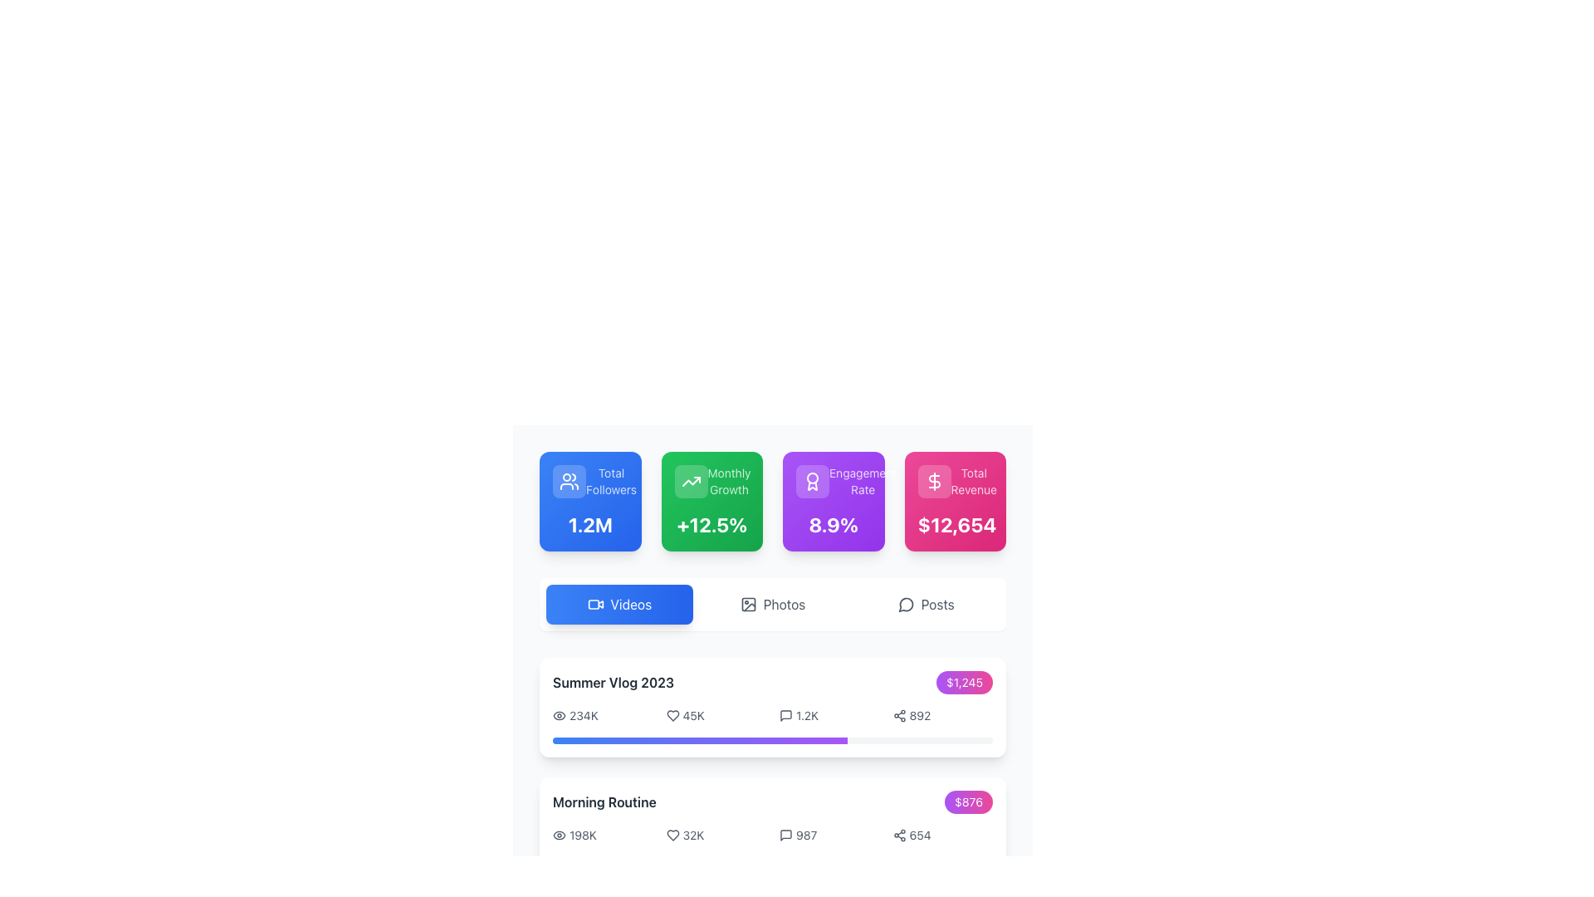  Describe the element at coordinates (711, 525) in the screenshot. I see `the text label displaying '+12.5%' in bold white font on a green background, located in the second column of the display` at that location.